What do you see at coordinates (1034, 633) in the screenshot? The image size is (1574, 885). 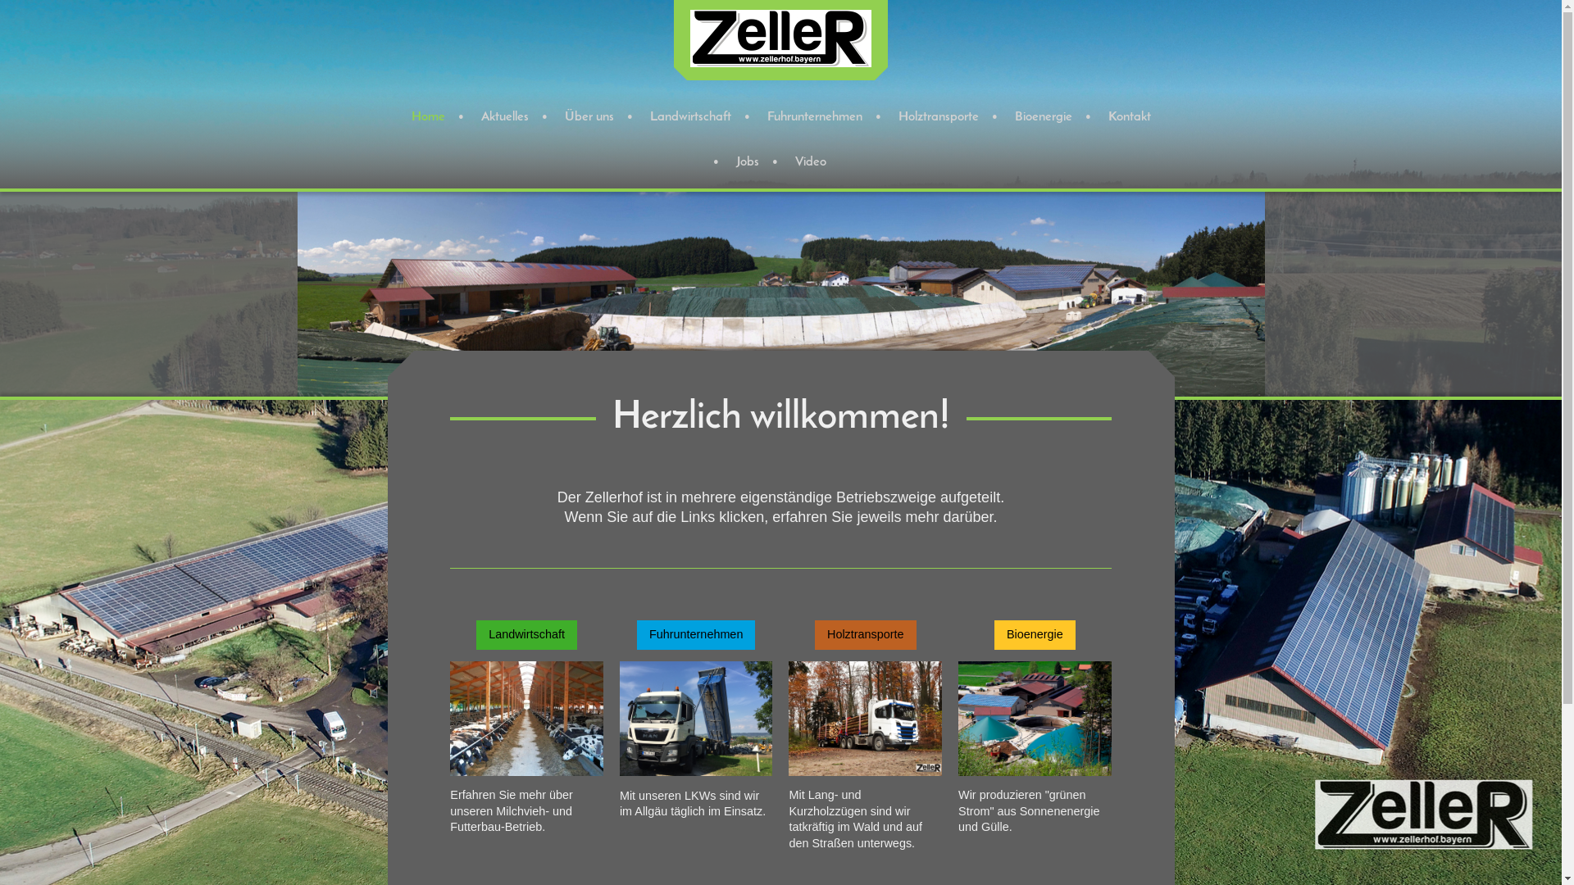 I see `'Bioenergie'` at bounding box center [1034, 633].